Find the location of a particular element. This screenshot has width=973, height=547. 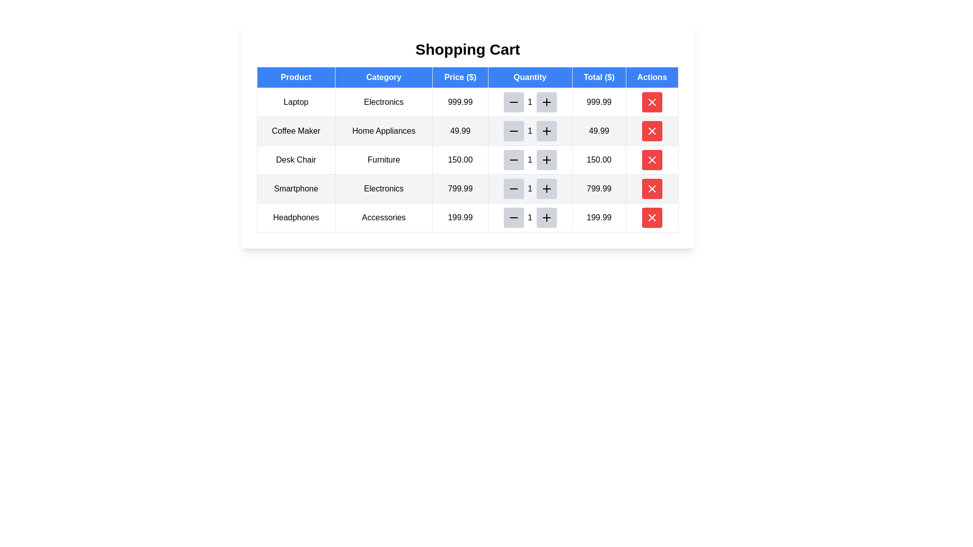

text 'Laptop' displayed in the Text Display located in the first row of the shopping cart table under the 'Product' column is located at coordinates (295, 102).